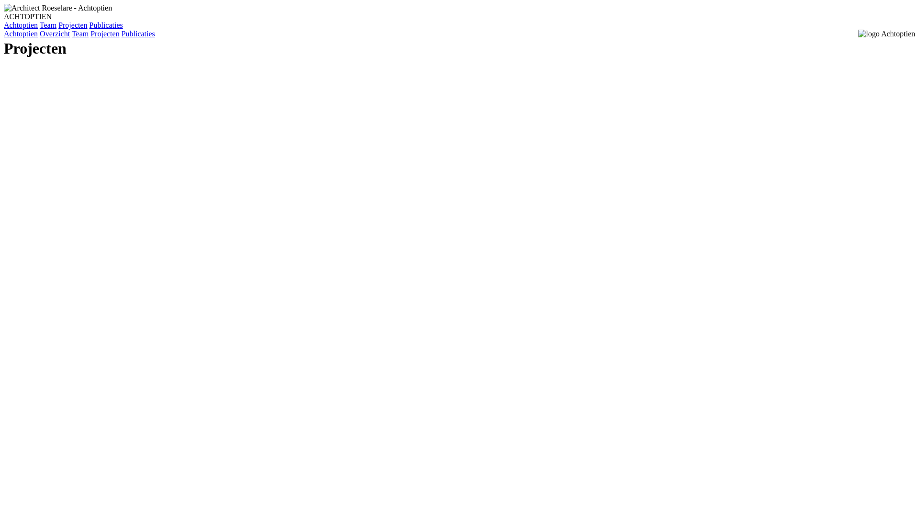 This screenshot has height=517, width=919. Describe the element at coordinates (21, 24) in the screenshot. I see `'Achtoptien'` at that location.